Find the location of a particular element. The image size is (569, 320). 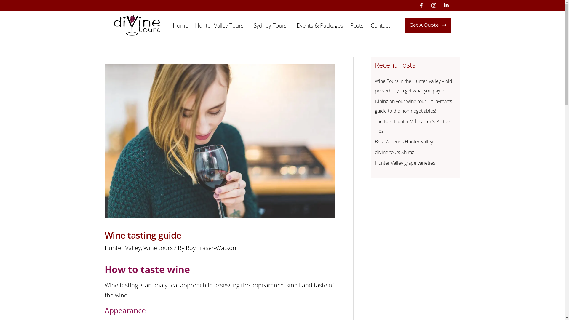

'Home' is located at coordinates (180, 25).